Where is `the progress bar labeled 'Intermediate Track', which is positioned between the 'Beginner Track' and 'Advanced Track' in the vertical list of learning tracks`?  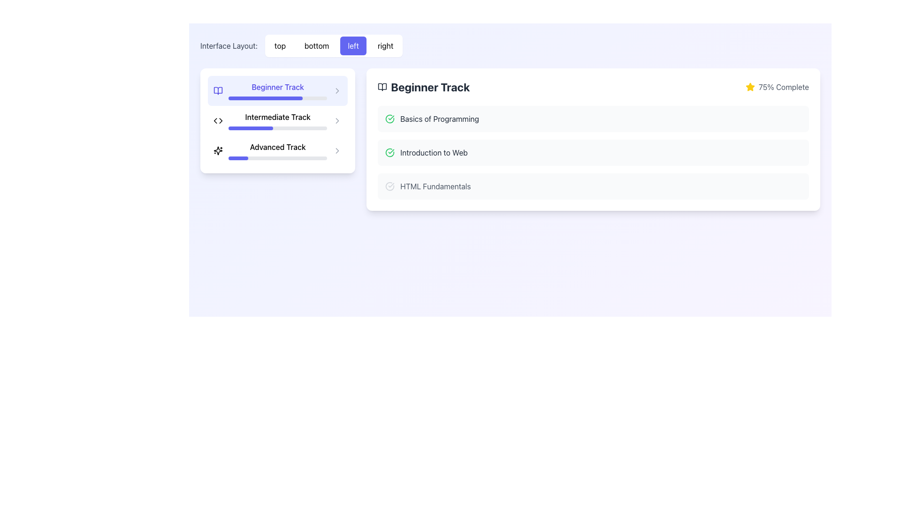
the progress bar labeled 'Intermediate Track', which is positioned between the 'Beginner Track' and 'Advanced Track' in the vertical list of learning tracks is located at coordinates (277, 120).